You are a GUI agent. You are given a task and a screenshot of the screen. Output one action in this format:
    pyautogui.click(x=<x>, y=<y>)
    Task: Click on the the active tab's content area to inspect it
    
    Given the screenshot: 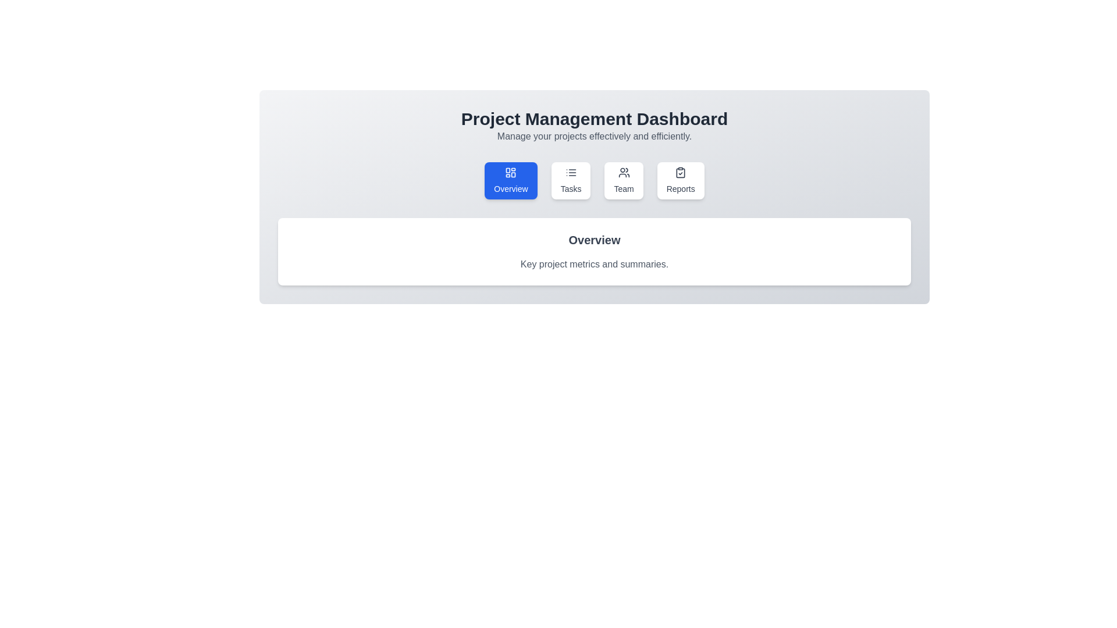 What is the action you would take?
    pyautogui.click(x=595, y=251)
    